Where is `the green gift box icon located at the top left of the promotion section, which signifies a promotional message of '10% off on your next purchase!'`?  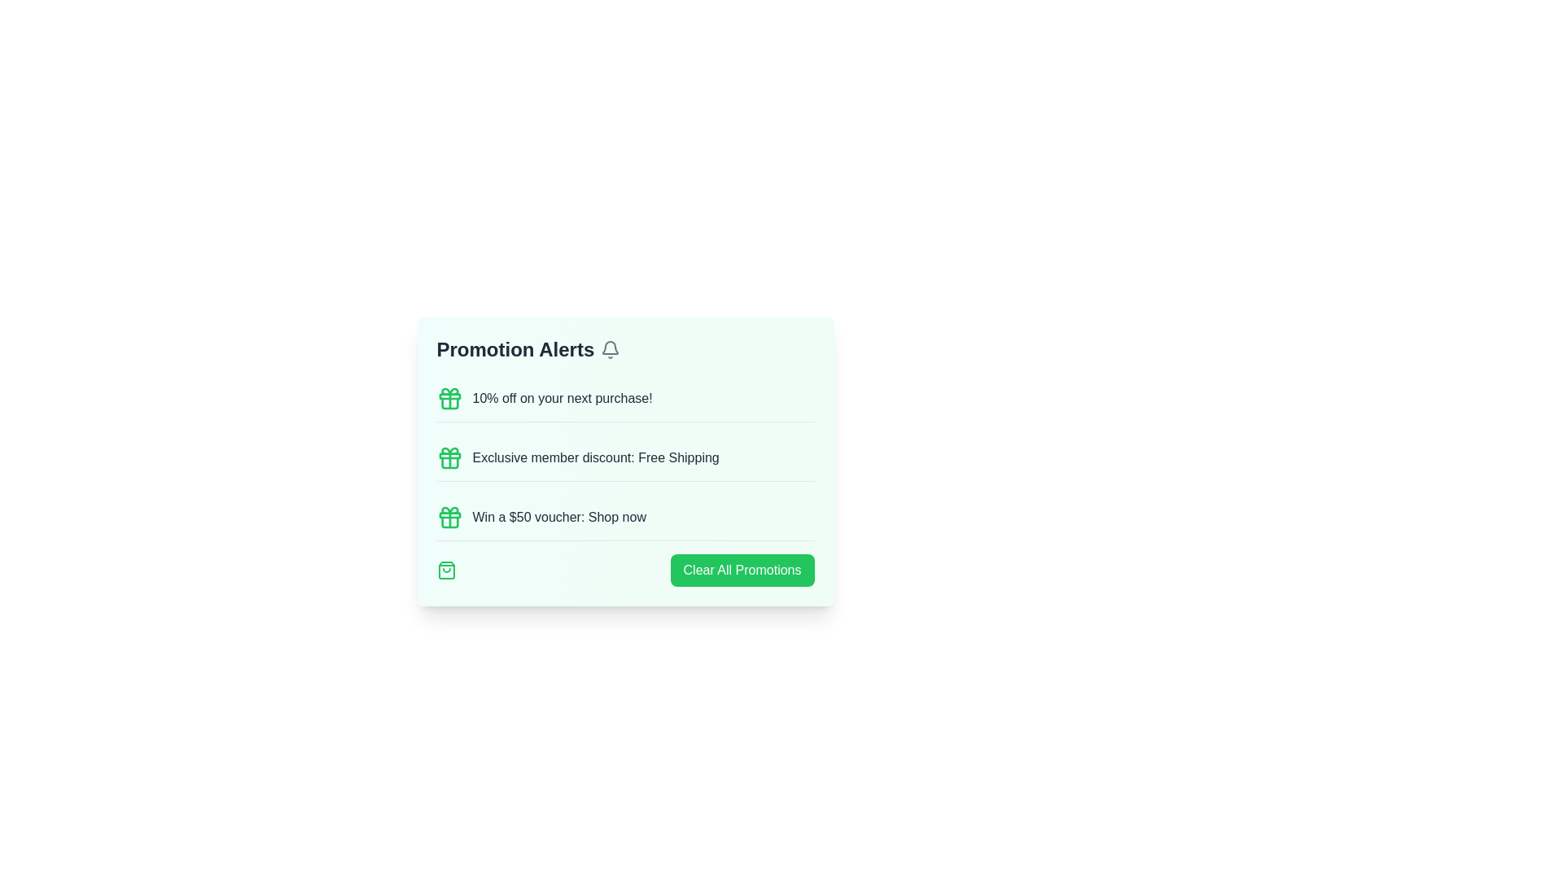
the green gift box icon located at the top left of the promotion section, which signifies a promotional message of '10% off on your next purchase!' is located at coordinates (449, 398).